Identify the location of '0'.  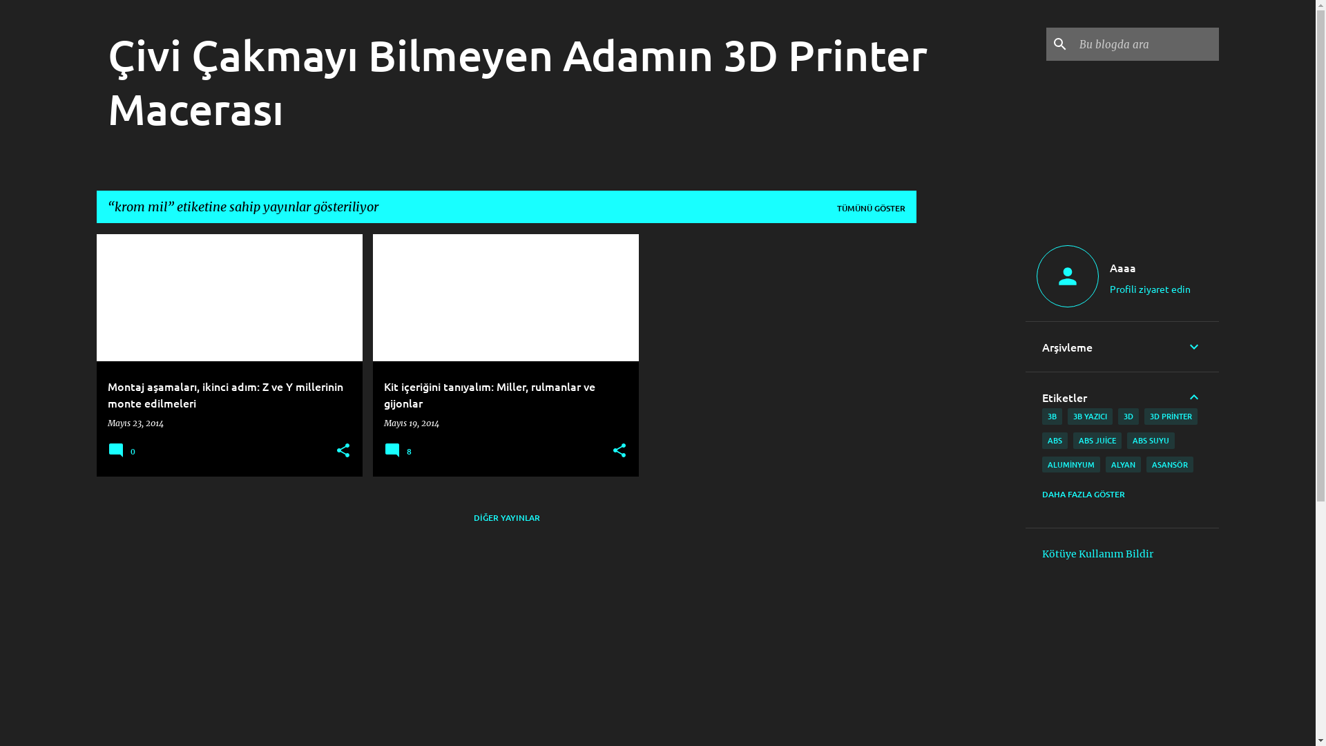
(123, 455).